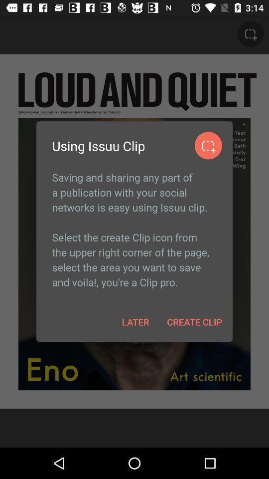  I want to click on the icon at the bottom, so click(135, 321).